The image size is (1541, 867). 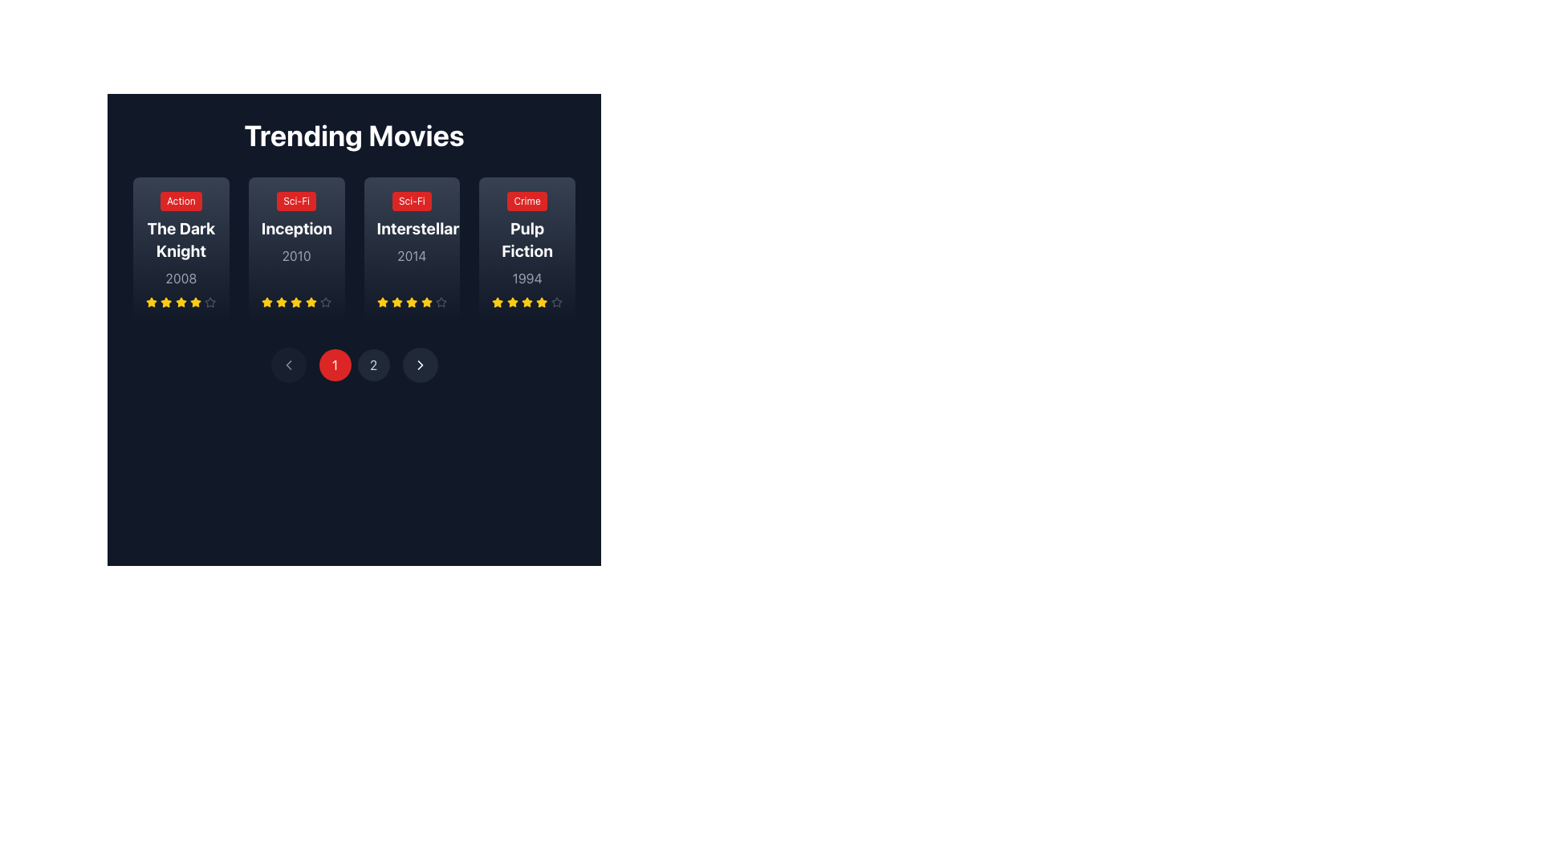 What do you see at coordinates (181, 238) in the screenshot?
I see `the first movie information card for 'The Dark Knight' in the 'Trending Movies' grid, which features a red 'Action' label and a dark background` at bounding box center [181, 238].